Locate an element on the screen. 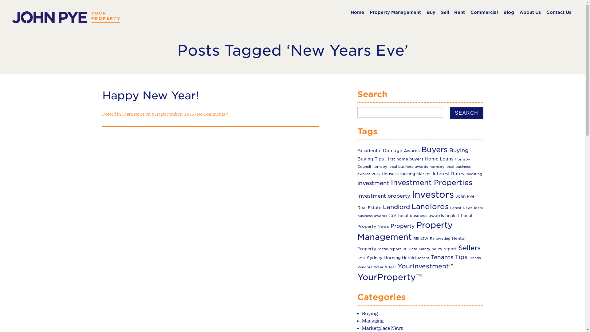 The width and height of the screenshot is (590, 332). 'local business awards finalist' is located at coordinates (398, 215).